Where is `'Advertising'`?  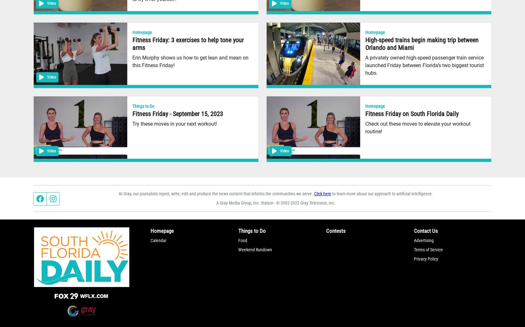 'Advertising' is located at coordinates (423, 240).